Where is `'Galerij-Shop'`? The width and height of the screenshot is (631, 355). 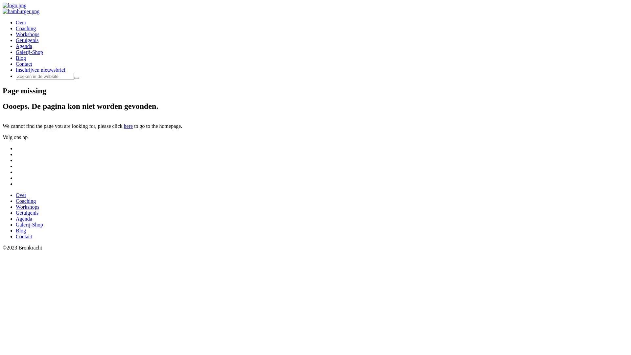 'Galerij-Shop' is located at coordinates (29, 52).